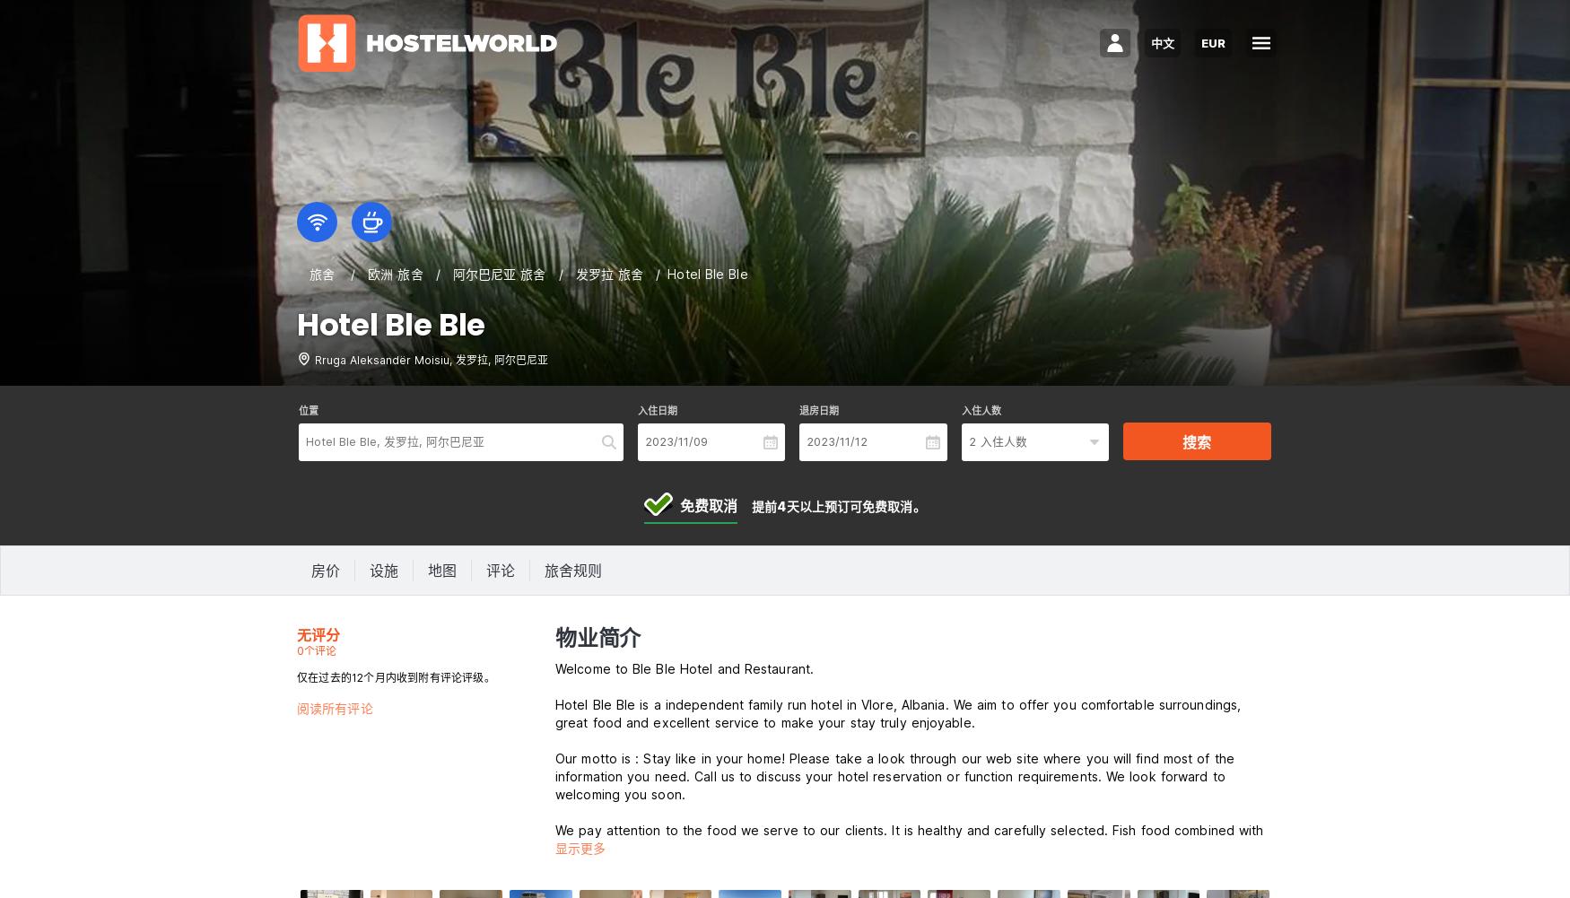 This screenshot has height=898, width=1570. Describe the element at coordinates (837, 505) in the screenshot. I see `'提前4天以上预订可免费取消。'` at that location.